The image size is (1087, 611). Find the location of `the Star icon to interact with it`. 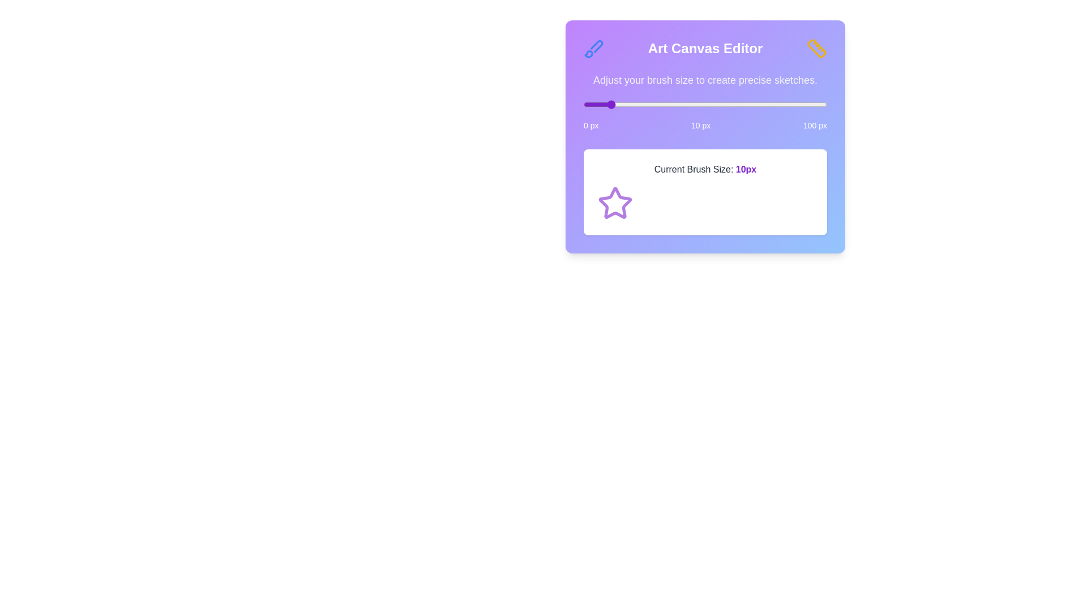

the Star icon to interact with it is located at coordinates (614, 203).